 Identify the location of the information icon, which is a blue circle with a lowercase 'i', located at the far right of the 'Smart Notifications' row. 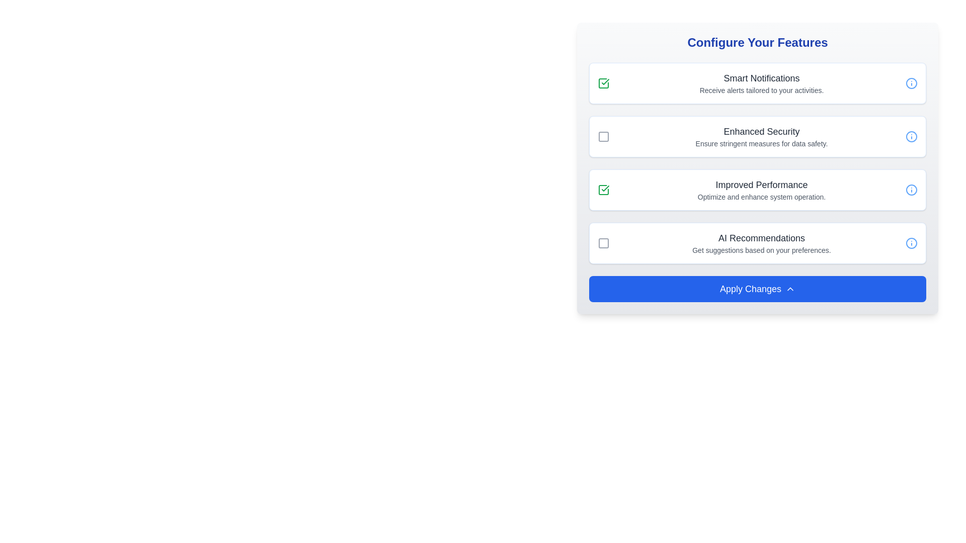
(911, 82).